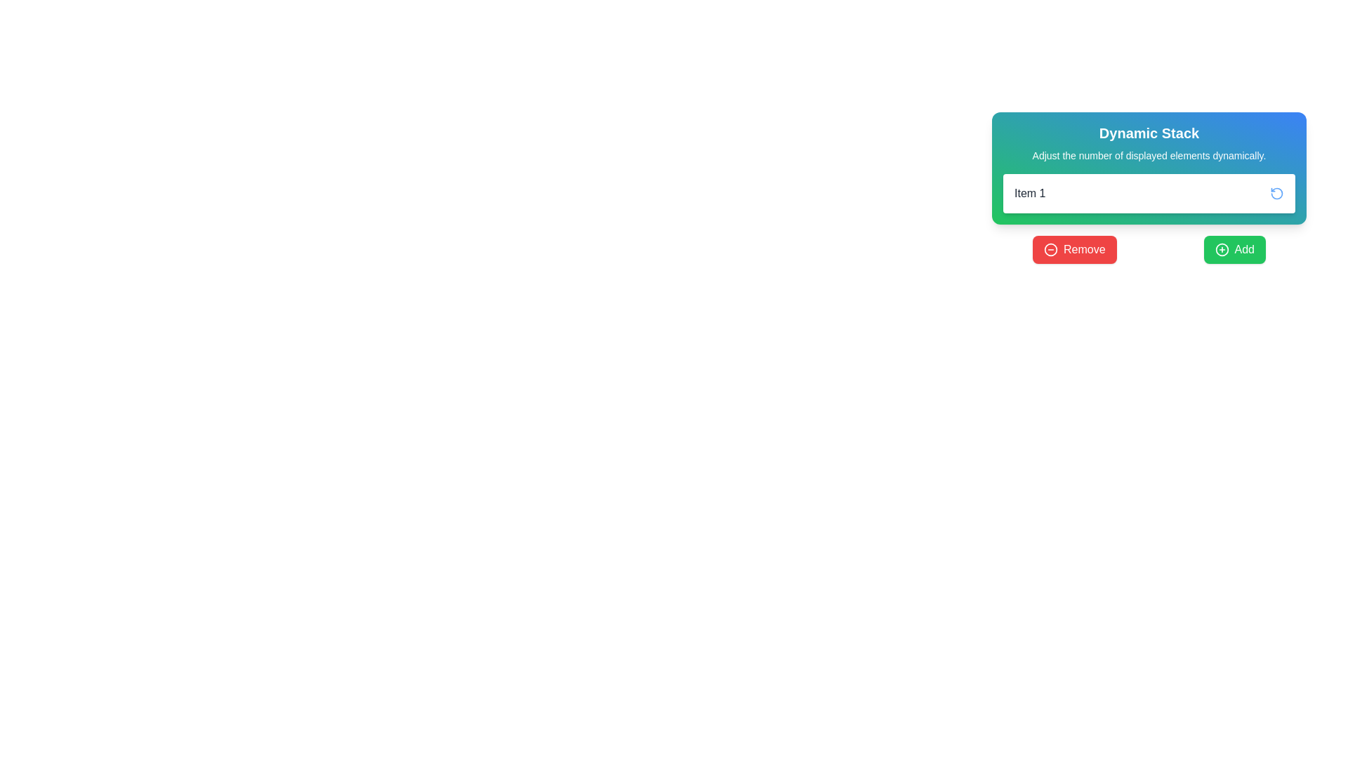 The height and width of the screenshot is (758, 1348). Describe the element at coordinates (1234, 248) in the screenshot. I see `the 'Add' button located to the right of the 'Remove' button in the horizontally-aligned group of buttons under the 'Item 1' input field` at that location.